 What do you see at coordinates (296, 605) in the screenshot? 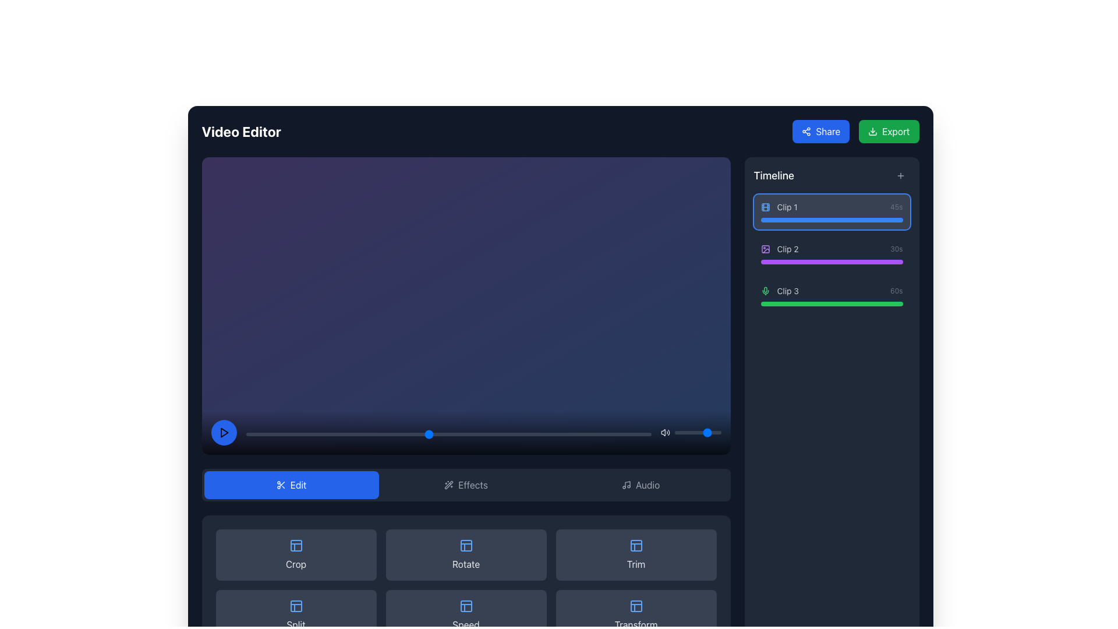
I see `the icon in the bottom section of the interface` at bounding box center [296, 605].